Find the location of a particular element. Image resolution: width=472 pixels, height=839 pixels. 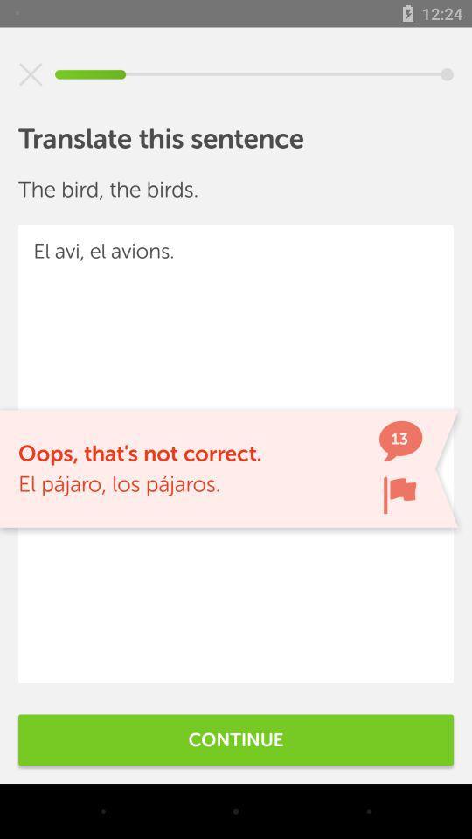

cancel an action is located at coordinates (31, 74).